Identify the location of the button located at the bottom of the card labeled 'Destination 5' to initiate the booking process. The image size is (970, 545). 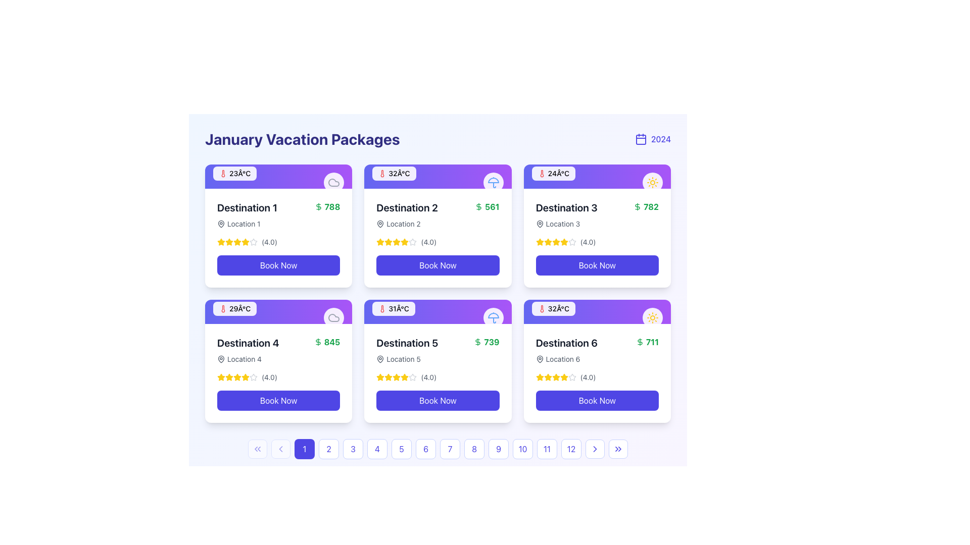
(438, 400).